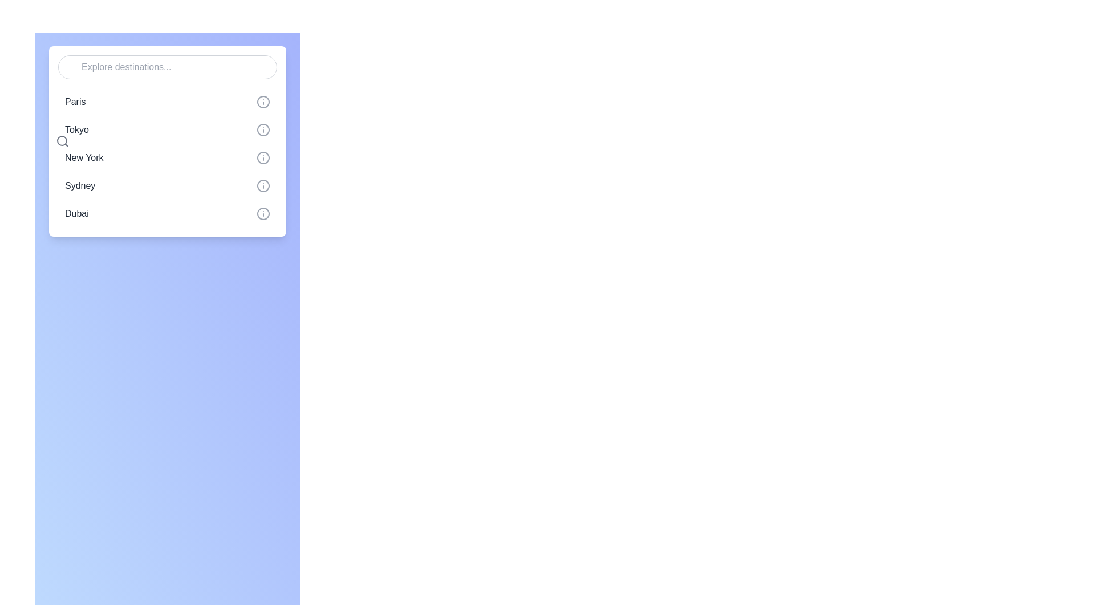 The height and width of the screenshot is (616, 1095). Describe the element at coordinates (79, 185) in the screenshot. I see `the text label representing the city 'Sydney', which is the fourth entry in the destination options list` at that location.